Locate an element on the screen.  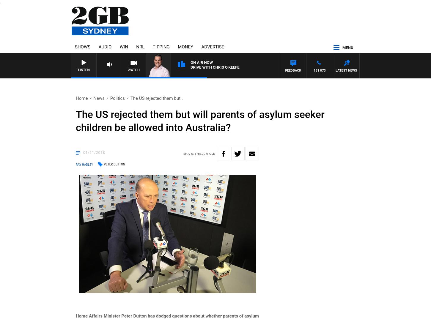
'Watch' is located at coordinates (127, 70).